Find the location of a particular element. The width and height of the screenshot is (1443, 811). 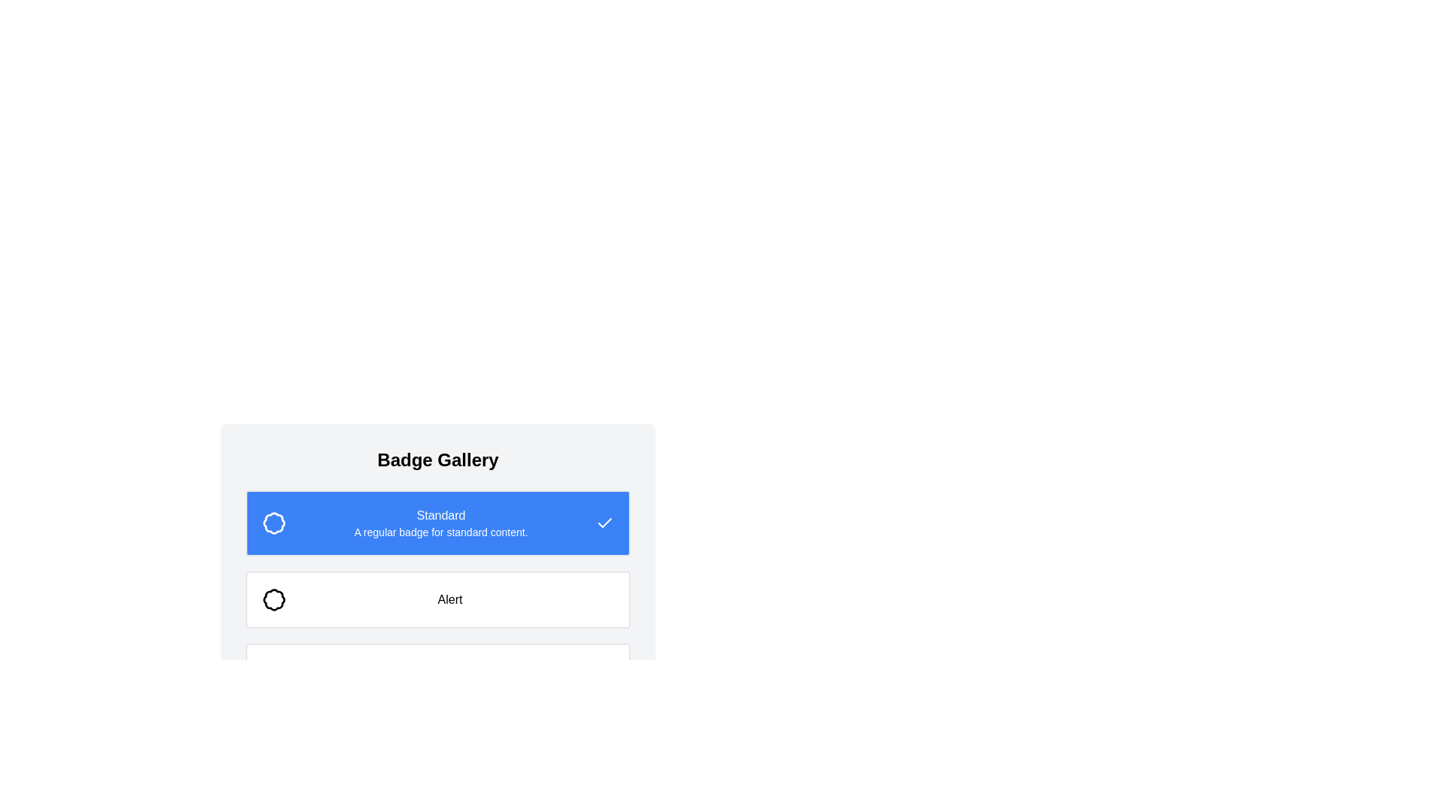

the 'Alert' badge element, which is the second badge in a vertical list of badges, positioned directly below the 'Standard' badge and above the 'Success' badge is located at coordinates (437, 598).